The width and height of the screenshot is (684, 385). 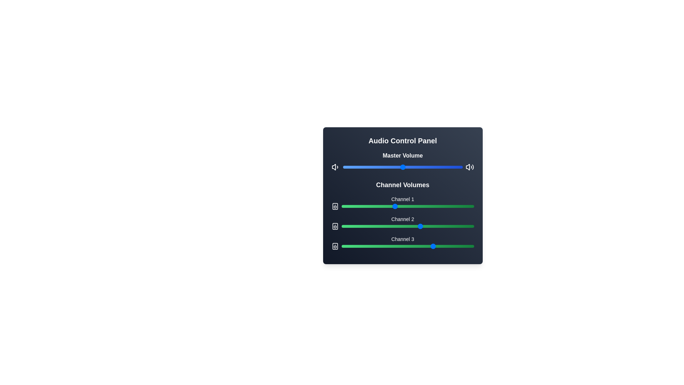 What do you see at coordinates (401, 206) in the screenshot?
I see `the 'Channel 1' volume` at bounding box center [401, 206].